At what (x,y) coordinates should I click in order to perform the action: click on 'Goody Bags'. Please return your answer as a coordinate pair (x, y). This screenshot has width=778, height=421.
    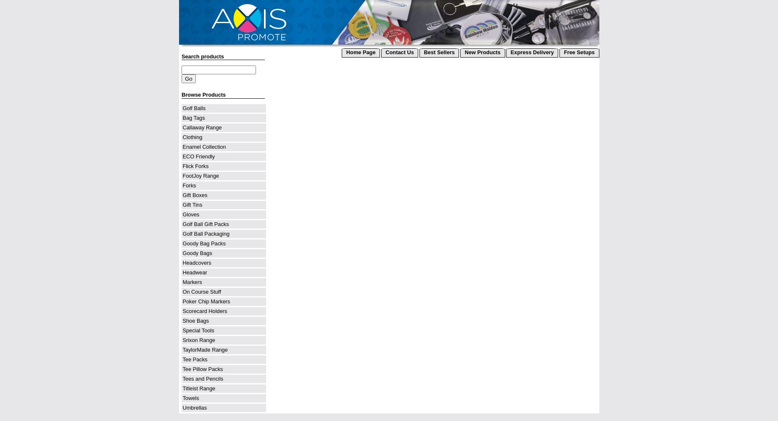
    Looking at the image, I should click on (182, 253).